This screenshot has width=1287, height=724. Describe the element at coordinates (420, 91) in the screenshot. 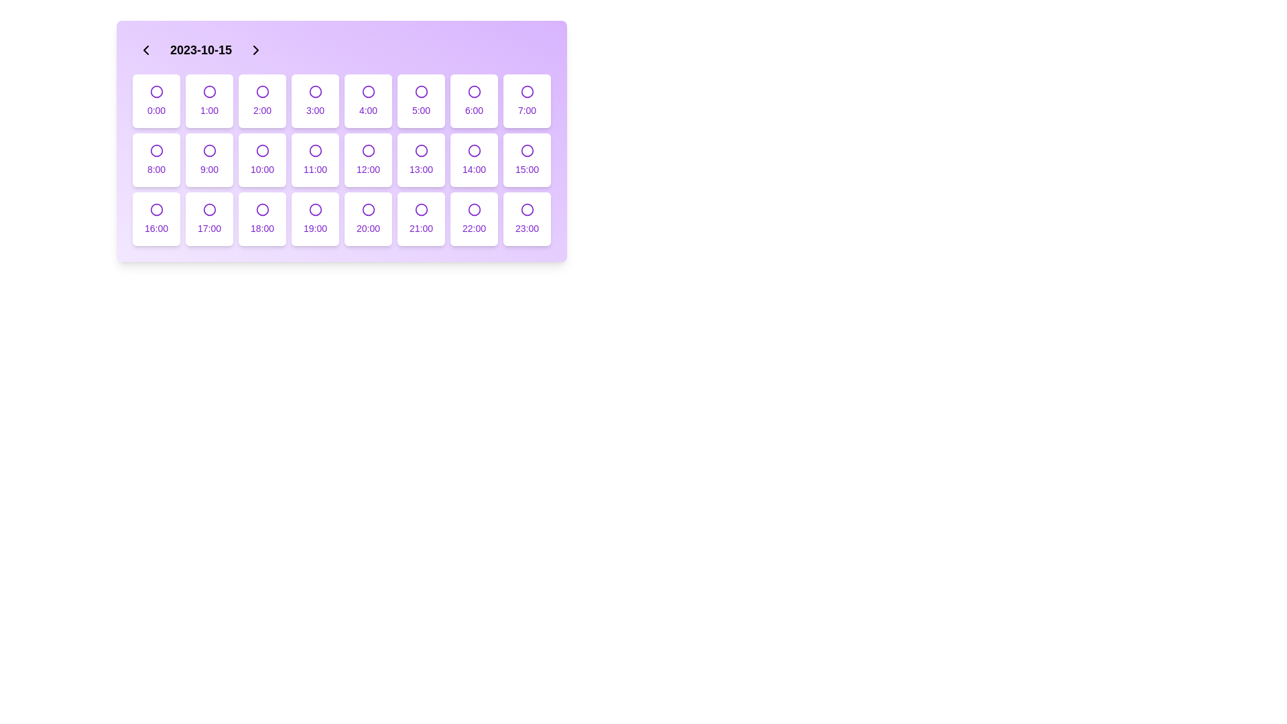

I see `the circular icon with a purple outline on a white background located in the second row and fifth column of the grid labeled '5:00'` at that location.